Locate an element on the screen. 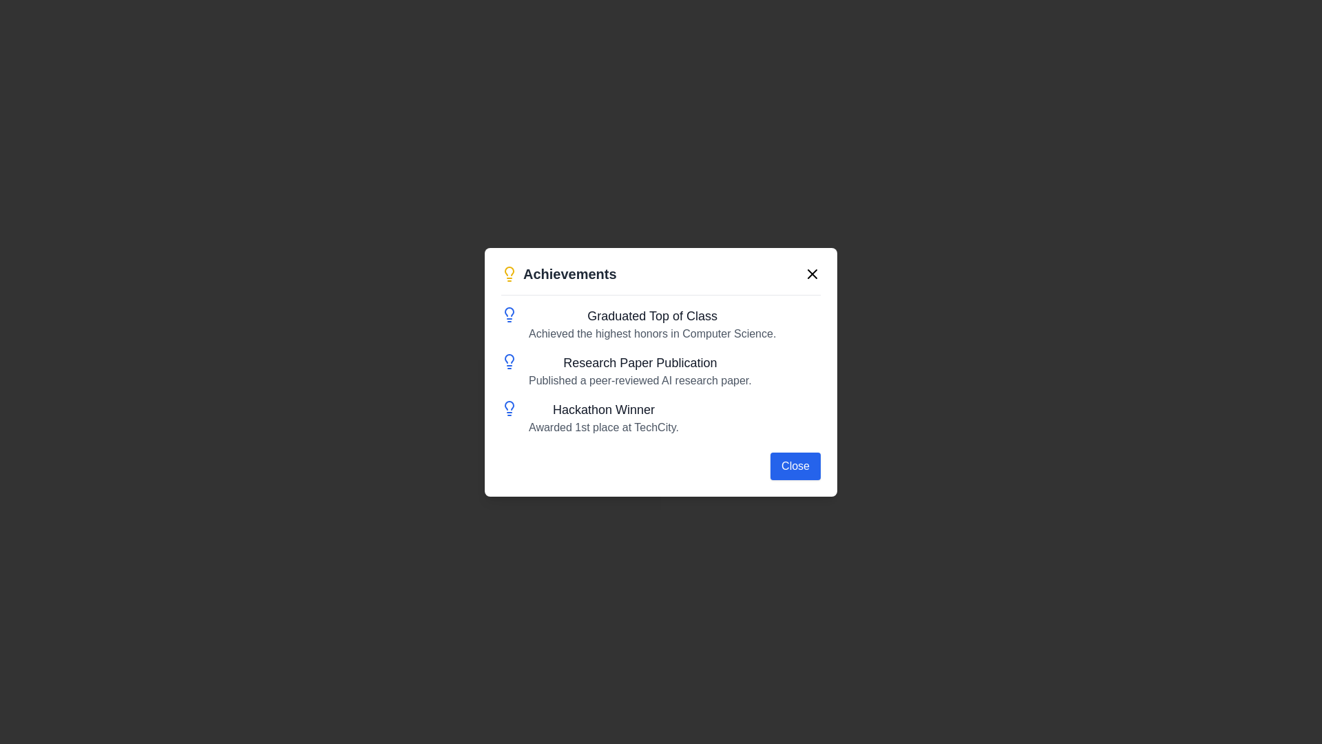 The width and height of the screenshot is (1322, 744). the close button located in the top-right corner of the 'Achievements' dialog box is located at coordinates (812, 273).